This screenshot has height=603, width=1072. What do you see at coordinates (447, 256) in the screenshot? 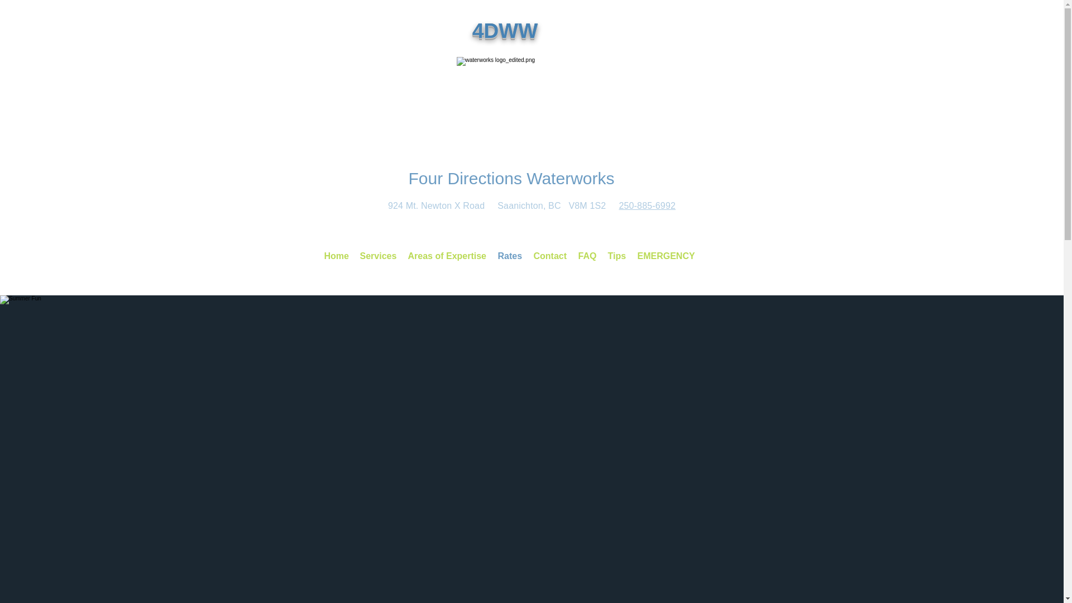
I see `'Areas of Expertise'` at bounding box center [447, 256].